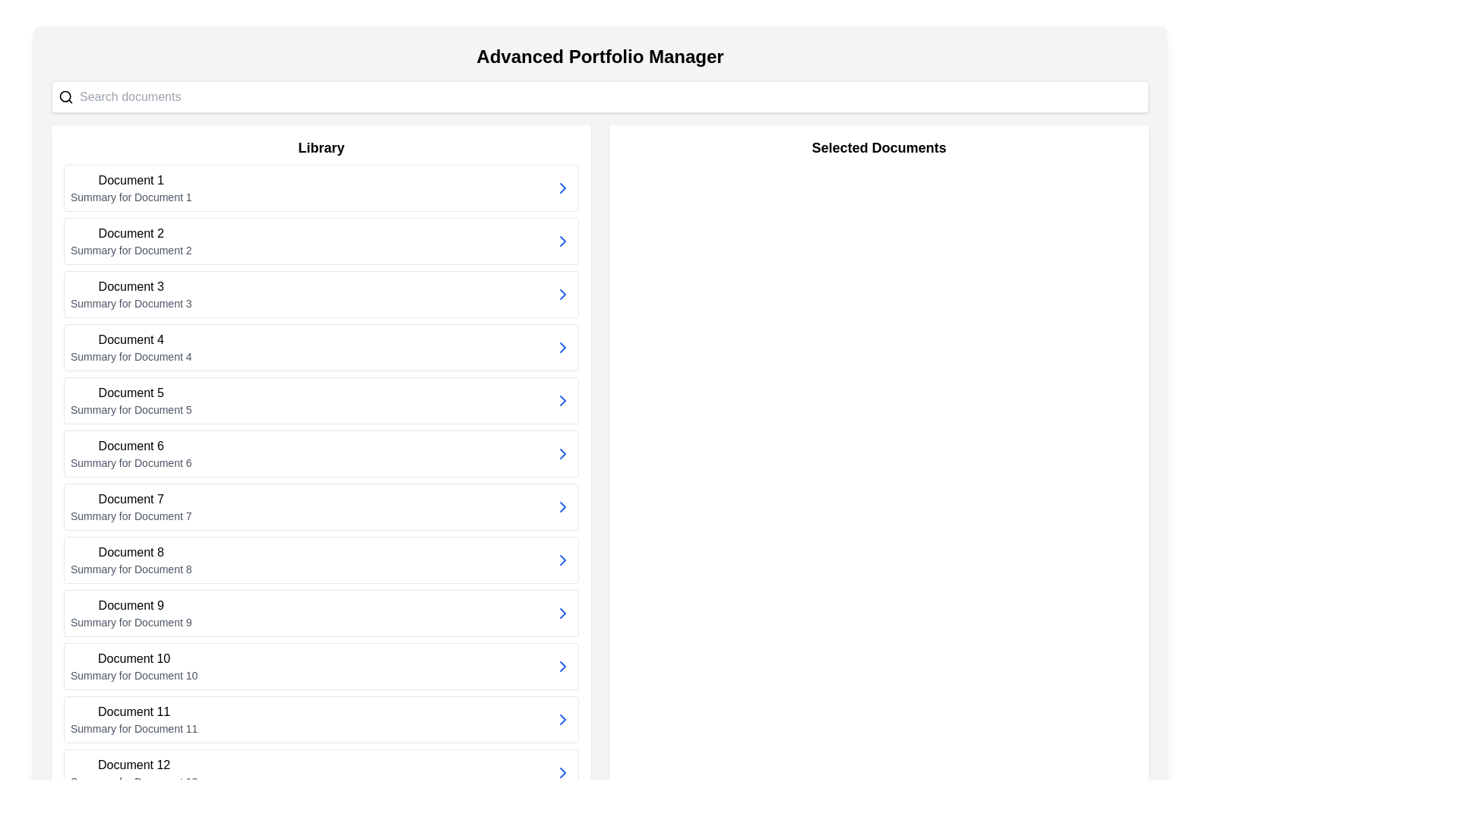 This screenshot has height=820, width=1459. I want to click on the text label displaying 'Document 3', which is the title of the third item in the Library section's vertically arranged list, so click(131, 287).